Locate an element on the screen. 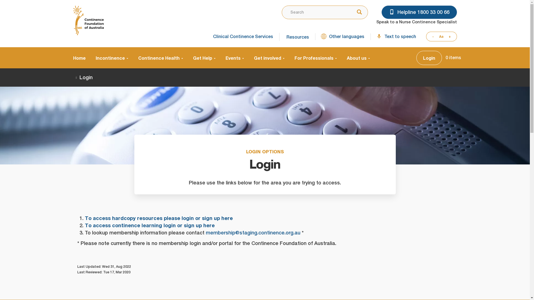 Image resolution: width=534 pixels, height=300 pixels. 'Events' is located at coordinates (234, 58).